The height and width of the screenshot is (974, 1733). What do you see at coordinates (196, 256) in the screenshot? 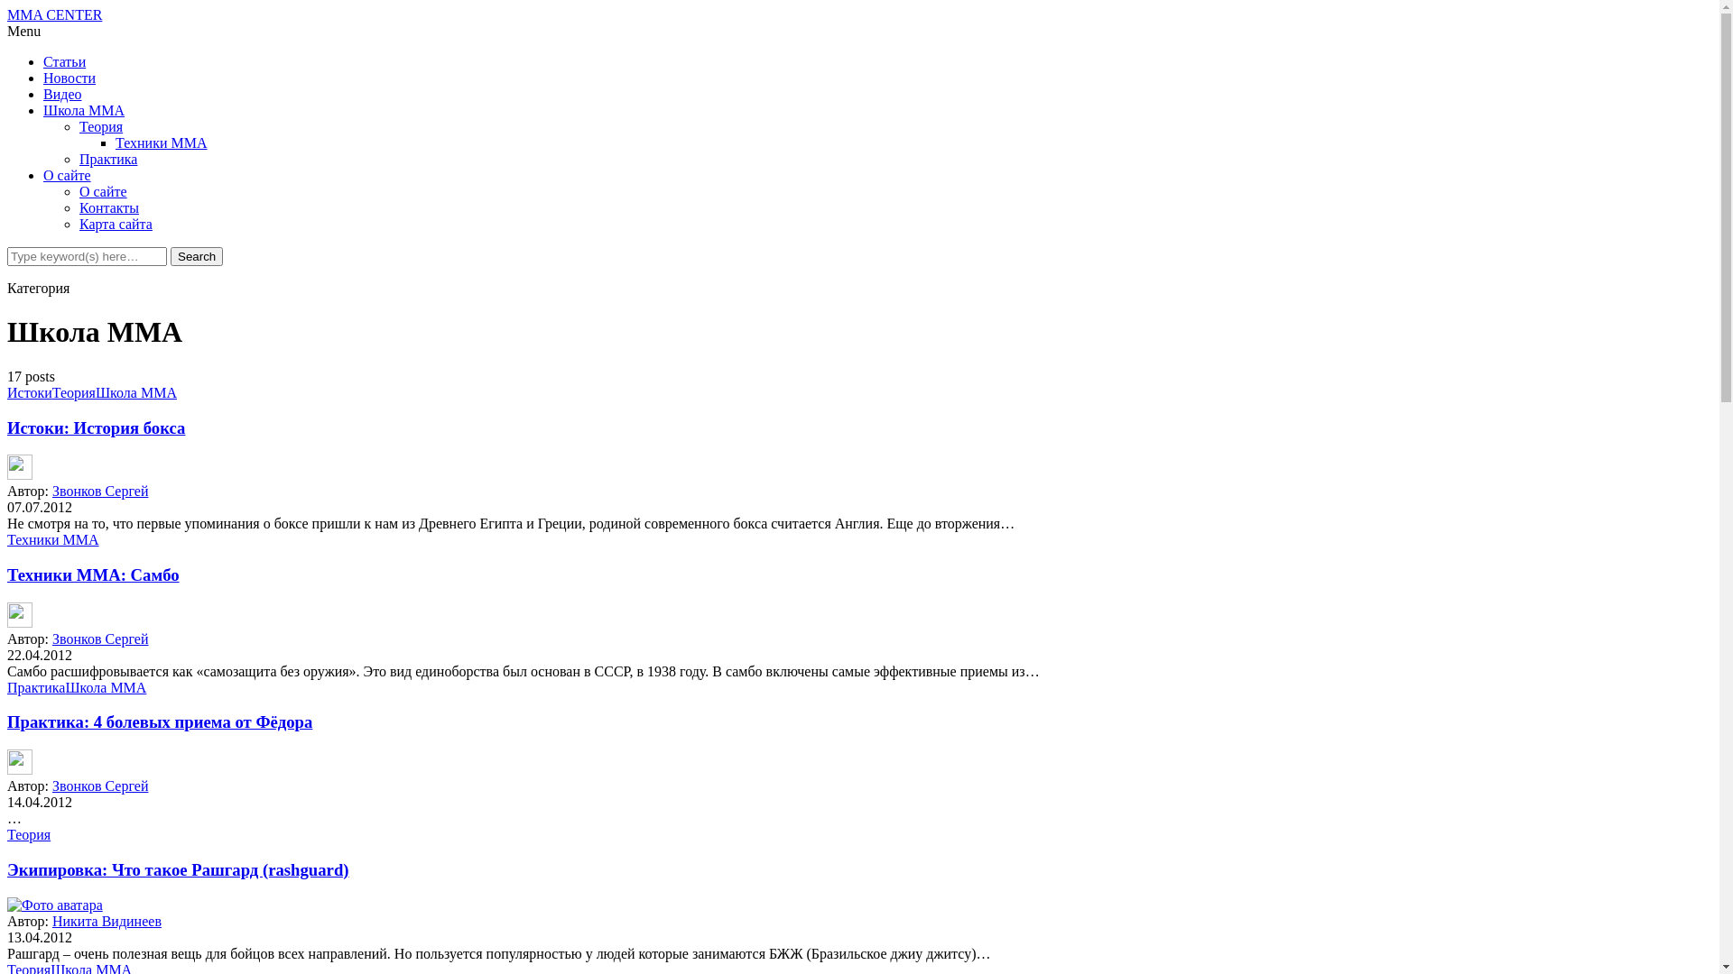
I see `'Search'` at bounding box center [196, 256].